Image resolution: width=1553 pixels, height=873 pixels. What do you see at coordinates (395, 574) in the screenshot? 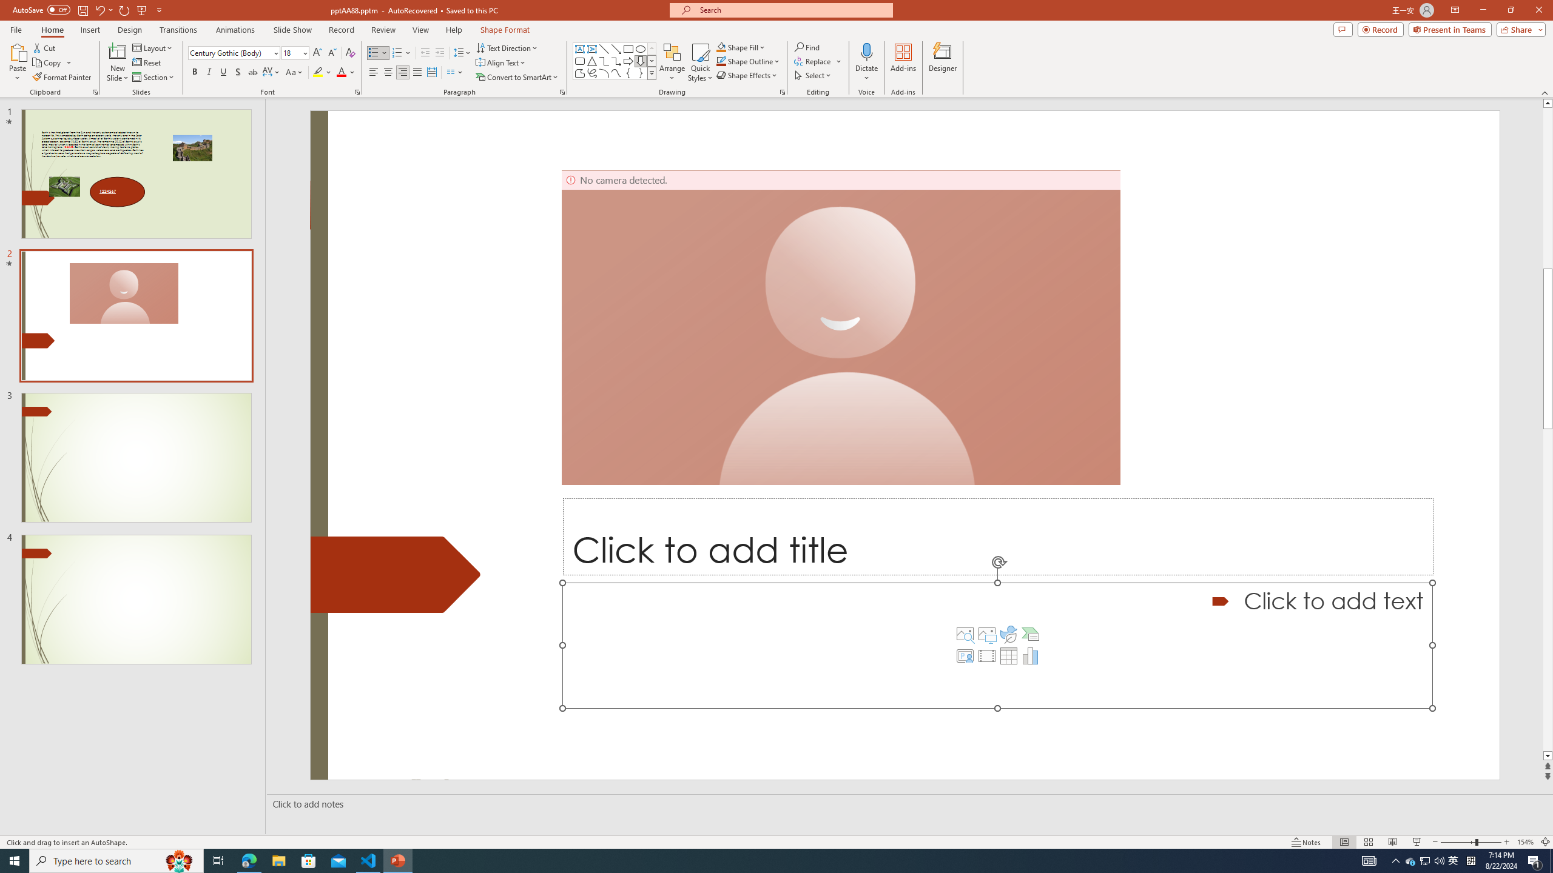
I see `'Decorative Locked'` at bounding box center [395, 574].